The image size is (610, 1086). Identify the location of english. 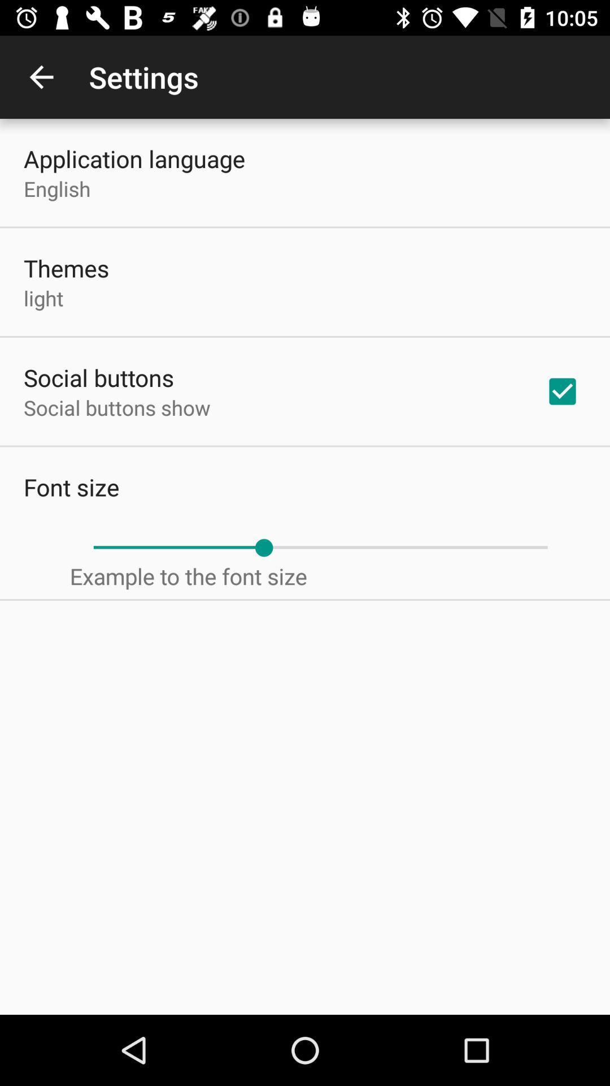
(57, 188).